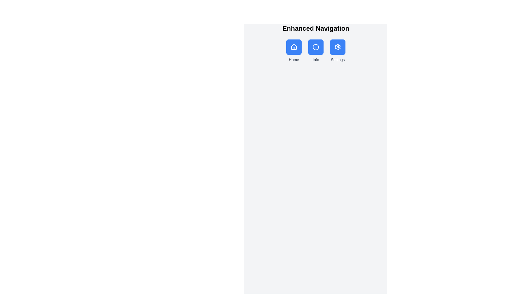  I want to click on the 'Home' navigation icon, which is the first button in the horizontal row below 'Enhanced Navigation', so click(294, 47).